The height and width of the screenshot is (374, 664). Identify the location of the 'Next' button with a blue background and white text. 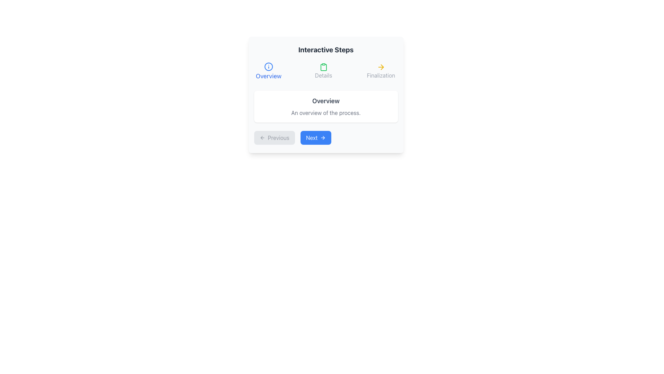
(315, 137).